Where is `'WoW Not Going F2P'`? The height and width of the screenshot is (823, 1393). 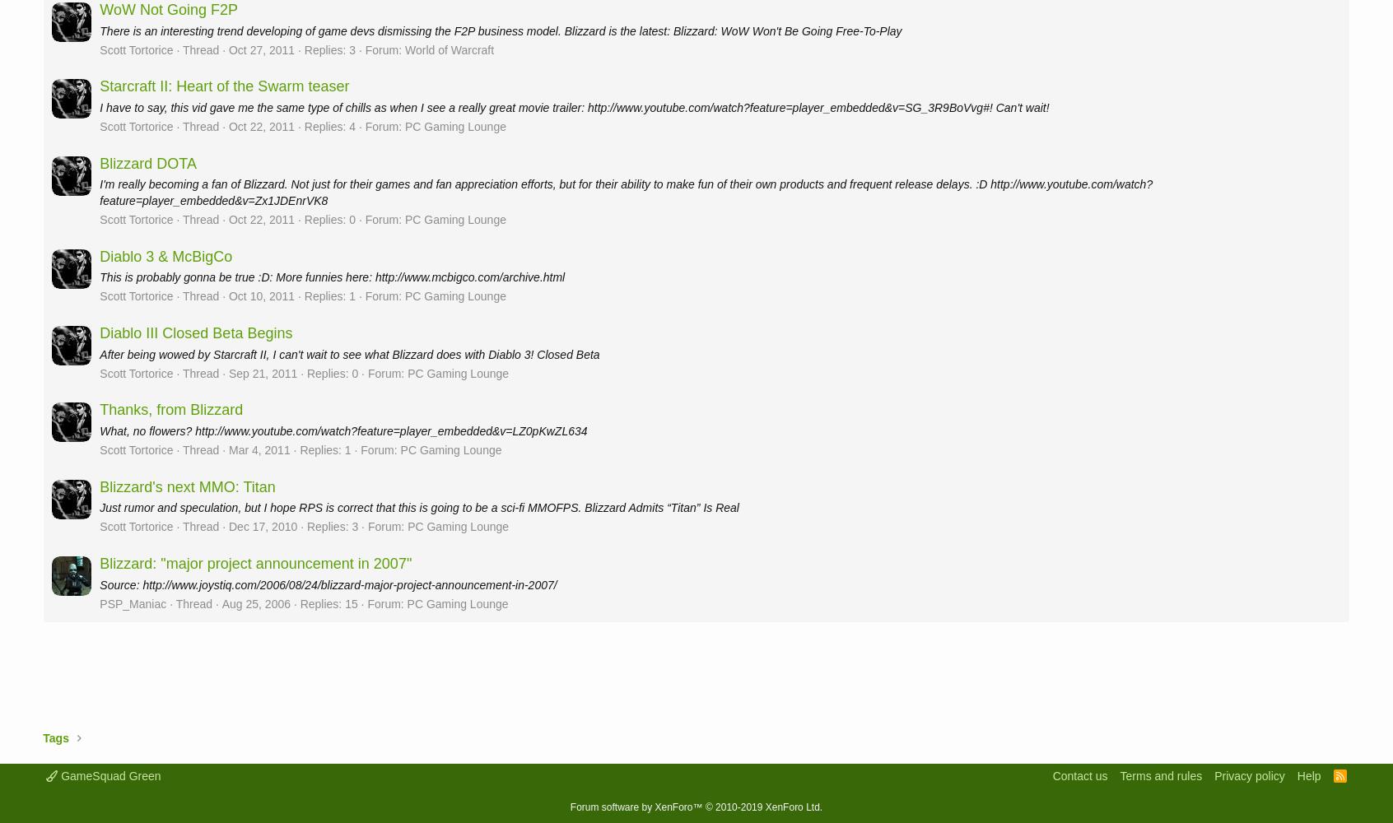
'WoW Not Going F2P' is located at coordinates (168, 10).